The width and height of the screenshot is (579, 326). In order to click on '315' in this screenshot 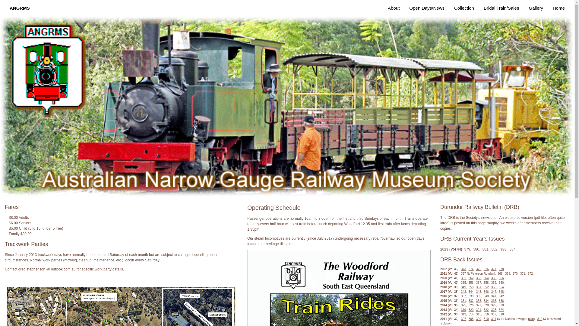, I will do `click(478, 314)`.